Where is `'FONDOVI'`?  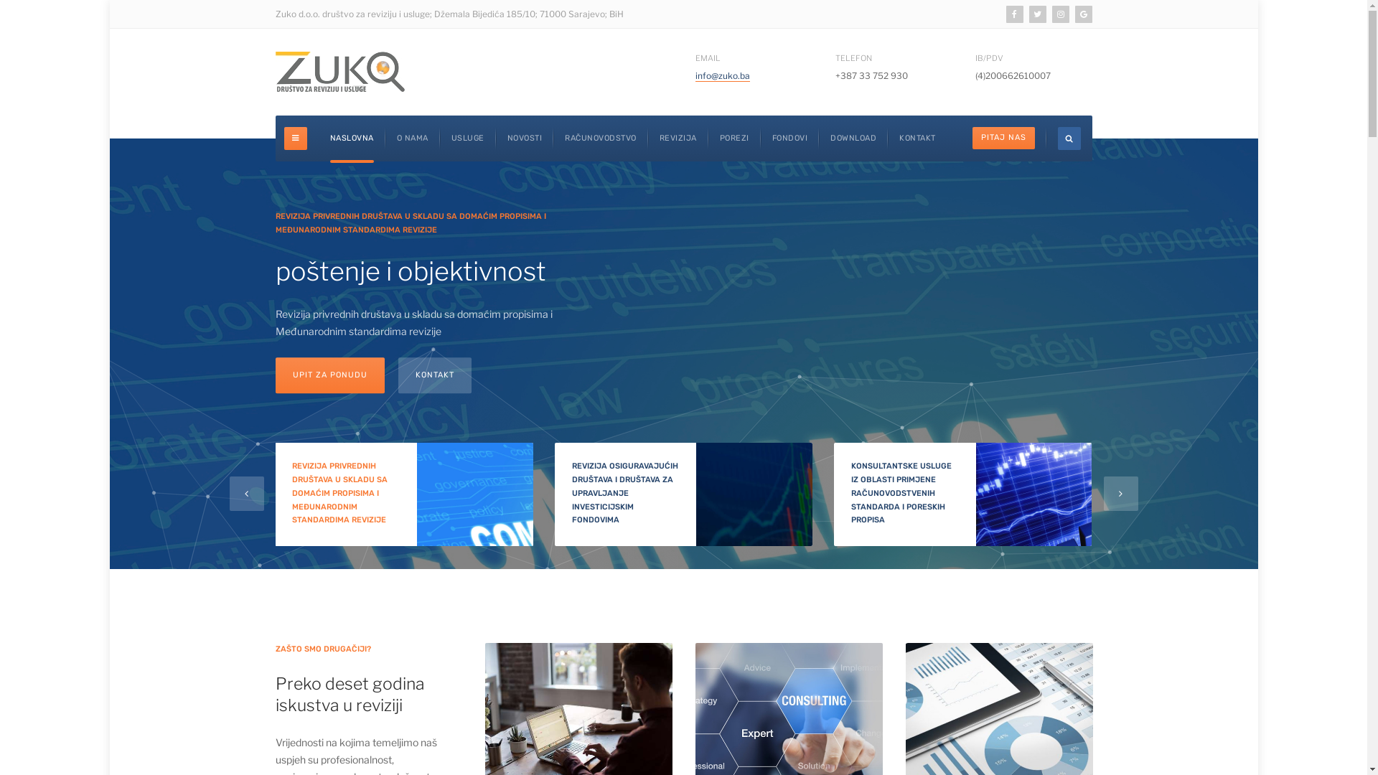
'FONDOVI' is located at coordinates (789, 138).